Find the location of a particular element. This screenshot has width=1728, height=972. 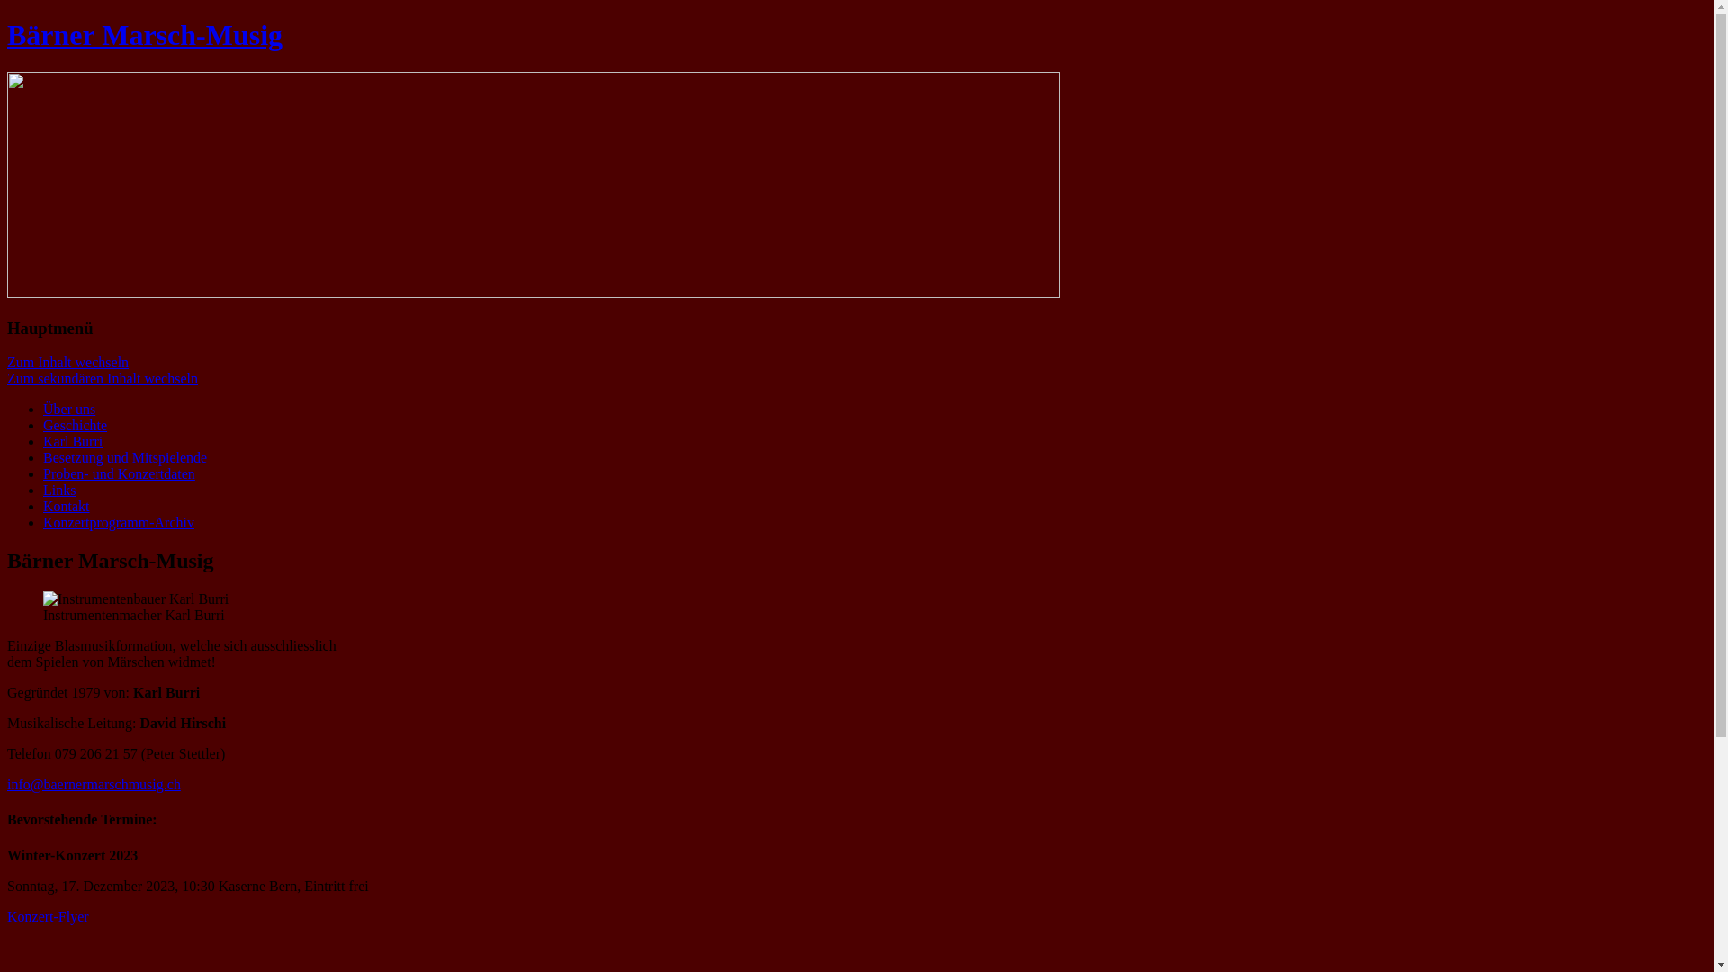

'Zum Inhalt wechseln' is located at coordinates (67, 362).